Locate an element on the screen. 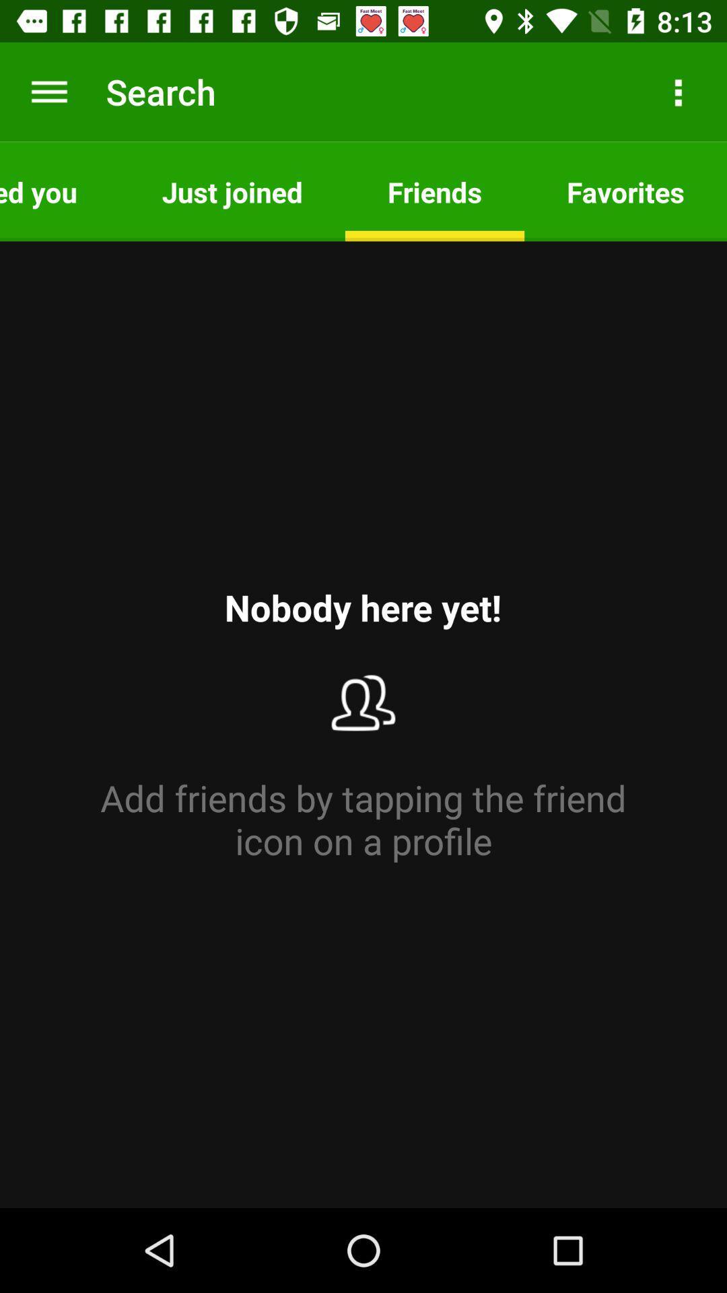 This screenshot has height=1293, width=727. favorites app is located at coordinates (625, 191).